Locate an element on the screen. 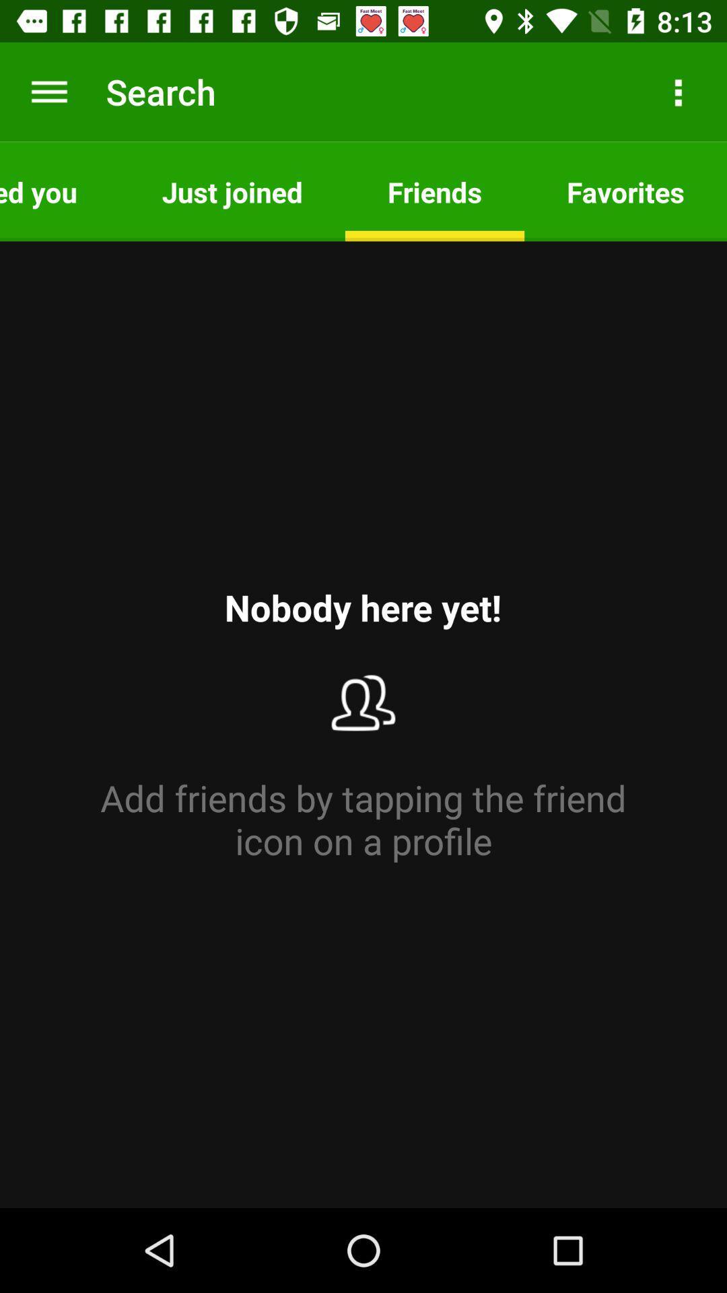 This screenshot has height=1293, width=727. favorites app is located at coordinates (625, 191).